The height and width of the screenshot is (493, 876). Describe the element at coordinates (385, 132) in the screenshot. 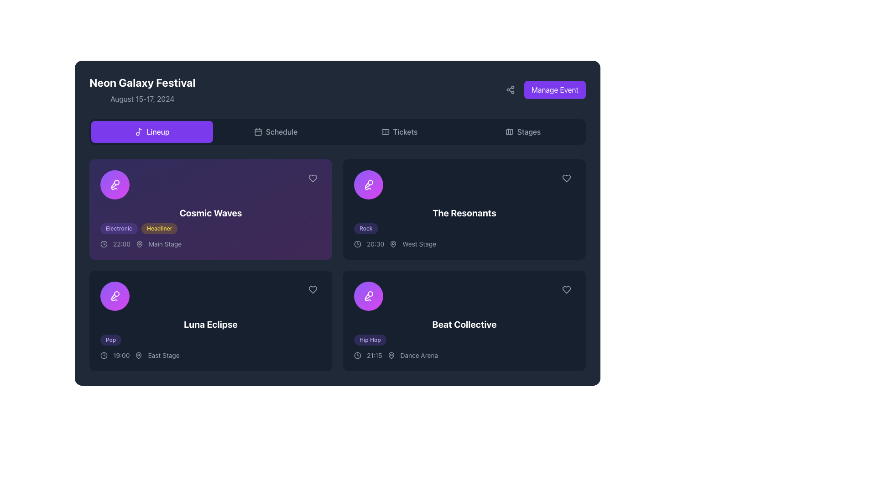

I see `the small icon resembling a stylized ticket located in the top navigation bar` at that location.